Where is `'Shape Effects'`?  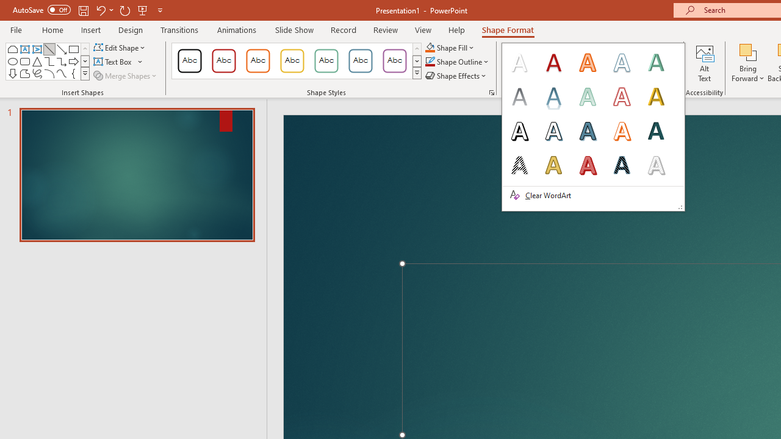
'Shape Effects' is located at coordinates (456, 76).